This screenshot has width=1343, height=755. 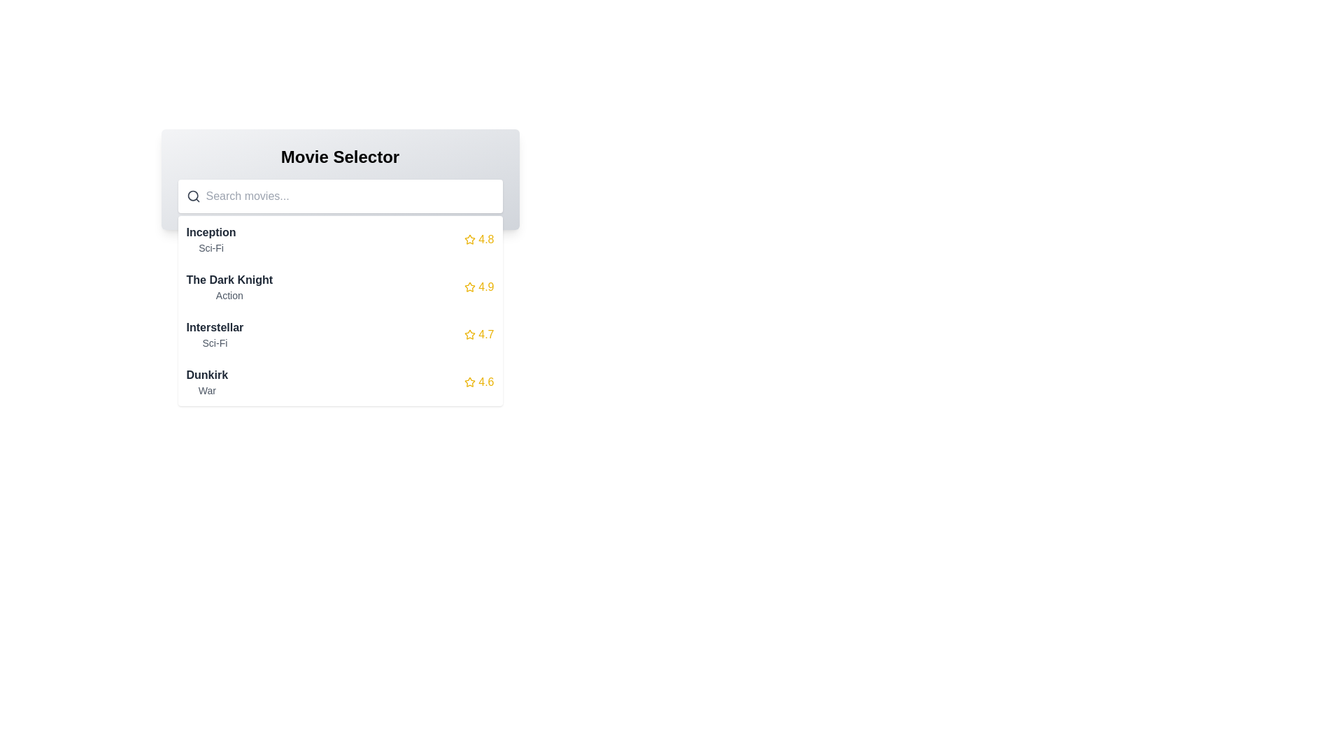 What do you see at coordinates (192, 196) in the screenshot?
I see `the circular lens of the magnifying glass icon used for search functionality, located in the top section of the interface, directly left of the Search movies placeholder text field` at bounding box center [192, 196].